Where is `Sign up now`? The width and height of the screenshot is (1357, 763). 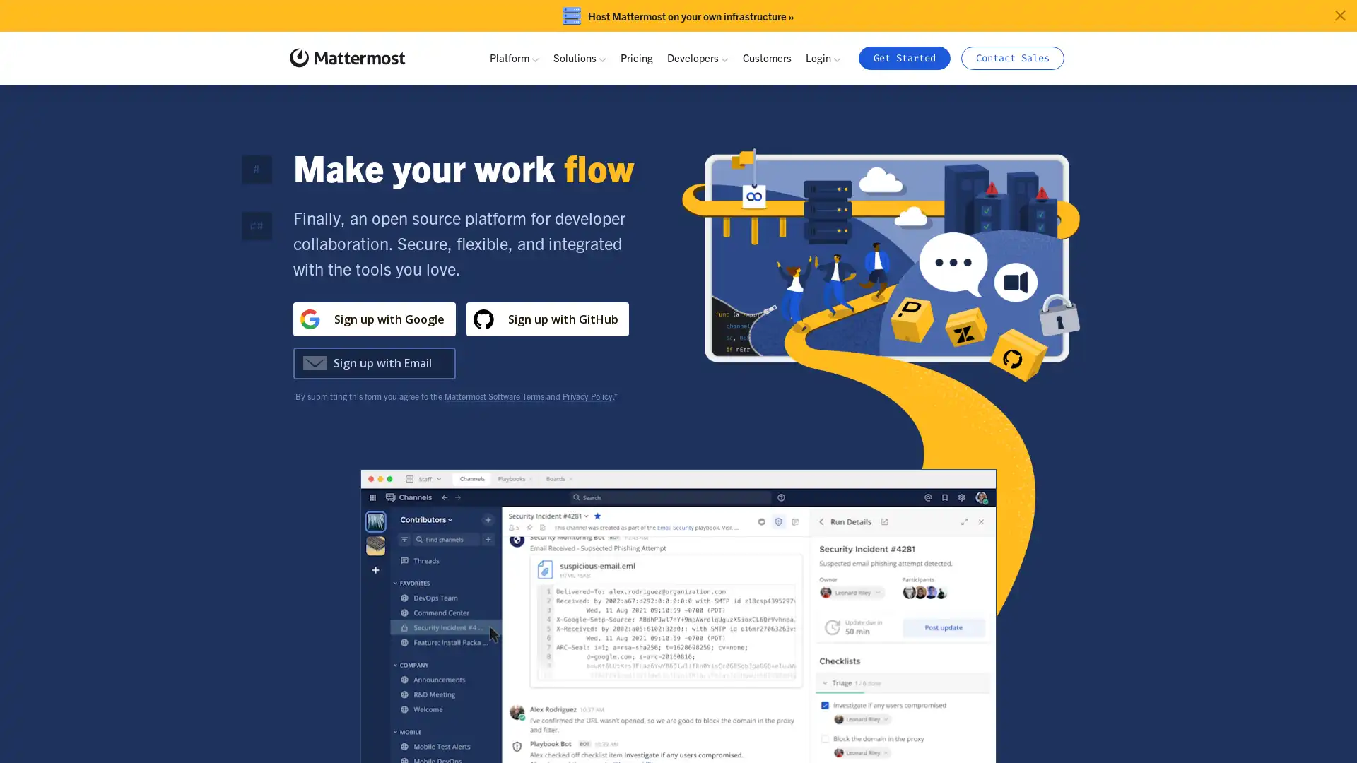
Sign up now is located at coordinates (545, 362).